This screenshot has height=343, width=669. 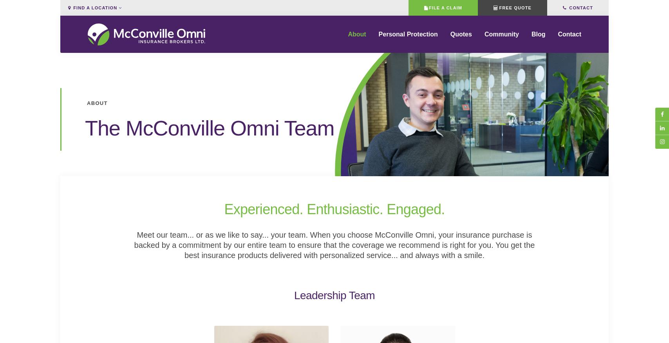 I want to click on 'Personal Protection', so click(x=408, y=39).